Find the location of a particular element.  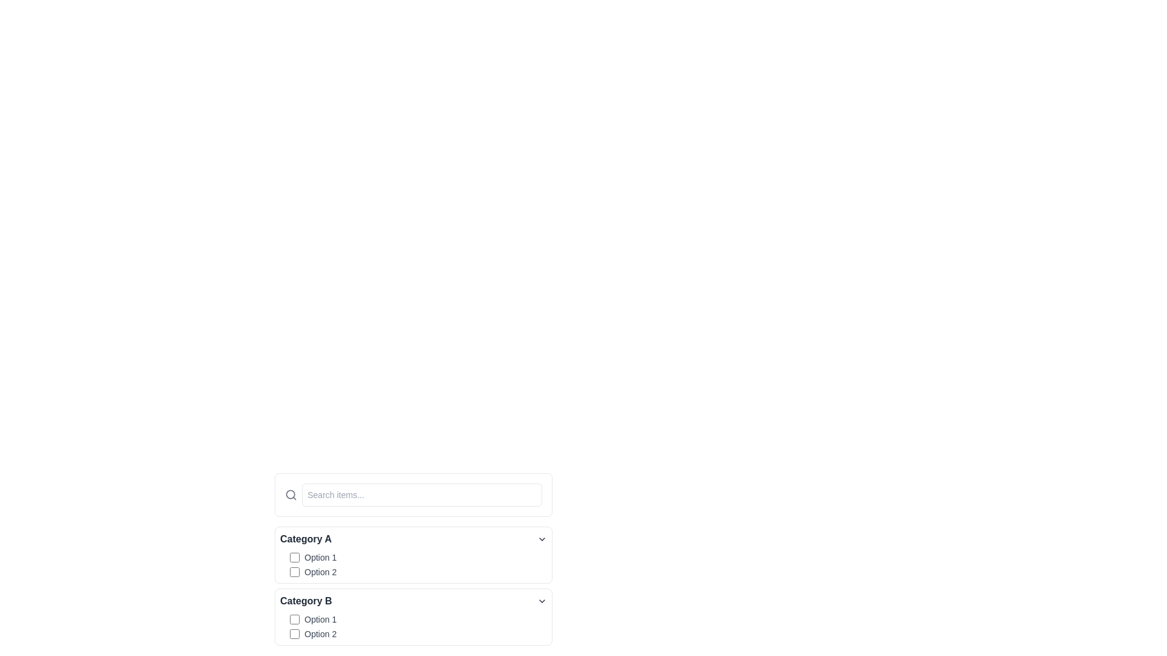

the checkbox labeled 'Option 2' under the 'Category A' section is located at coordinates (418, 572).